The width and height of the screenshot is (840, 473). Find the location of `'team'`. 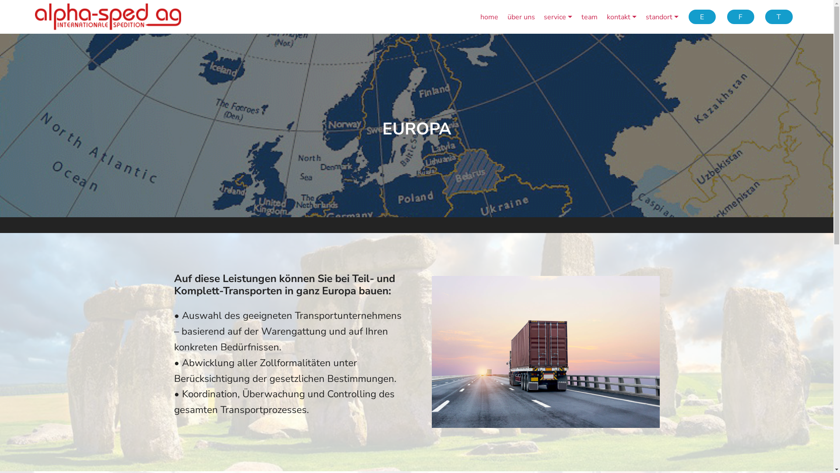

'team' is located at coordinates (589, 17).